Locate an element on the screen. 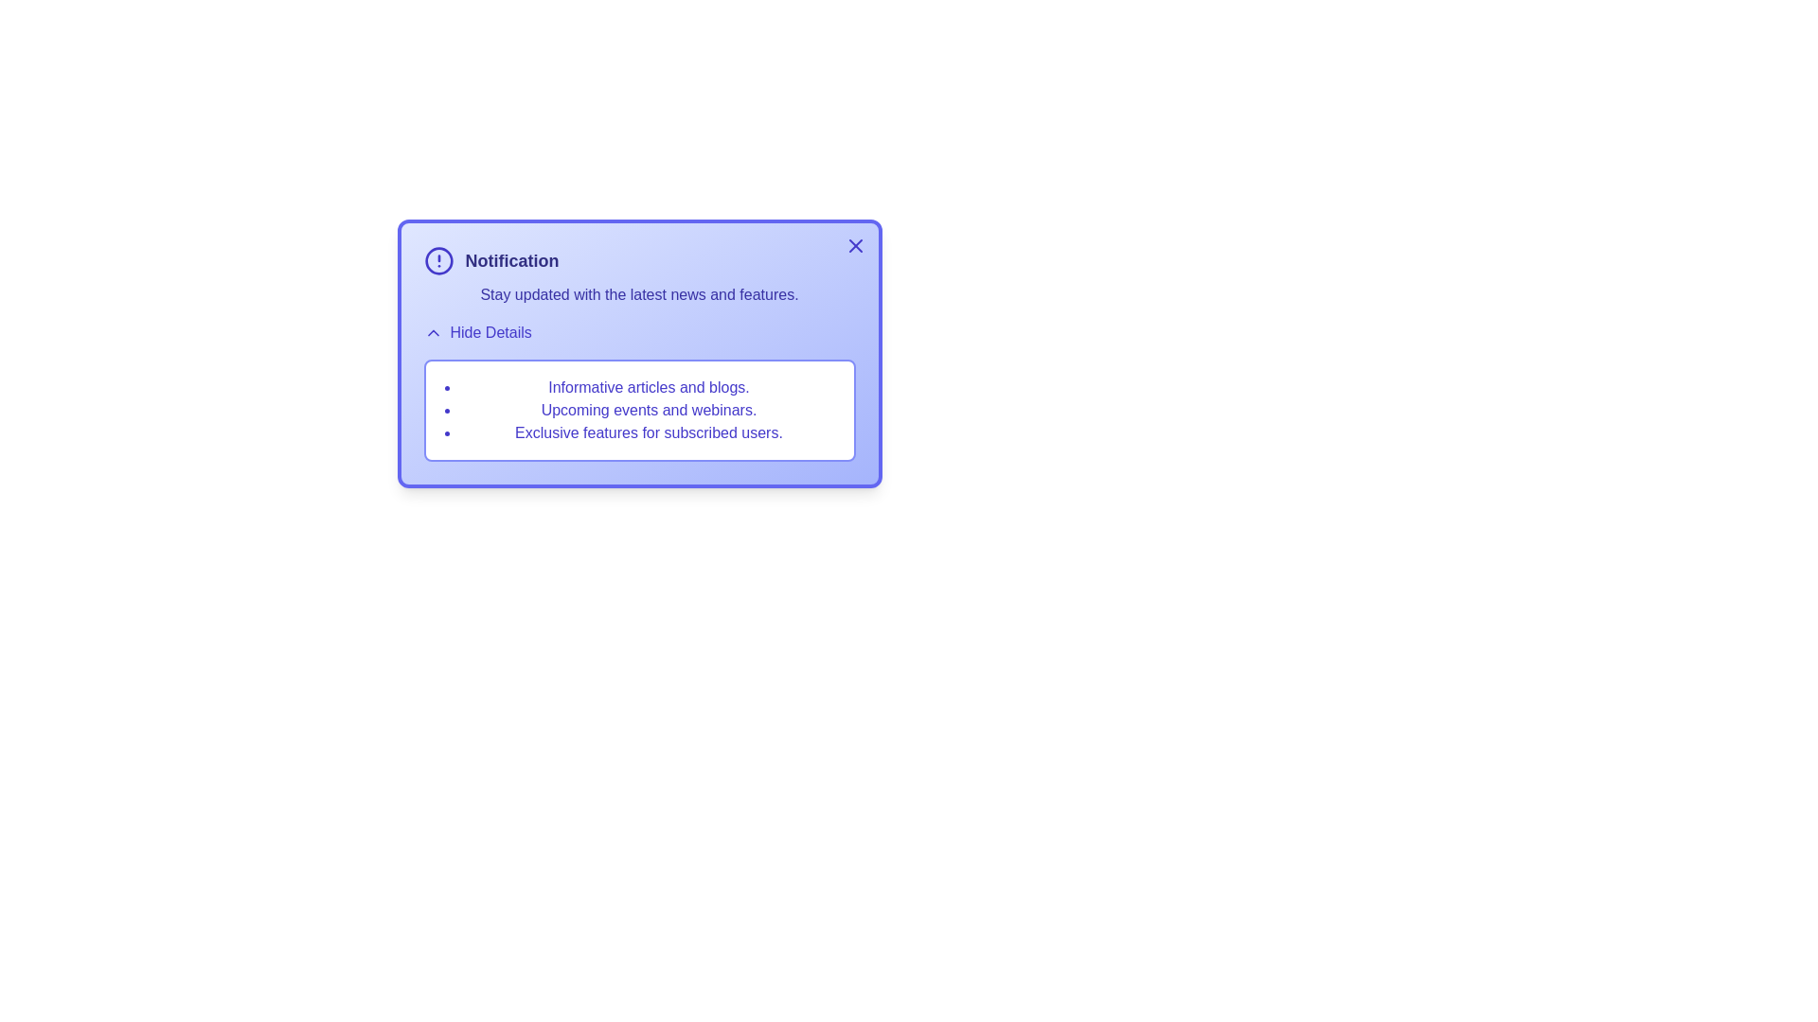 This screenshot has width=1818, height=1022. the close button at the top-right corner of the notification is located at coordinates (854, 244).